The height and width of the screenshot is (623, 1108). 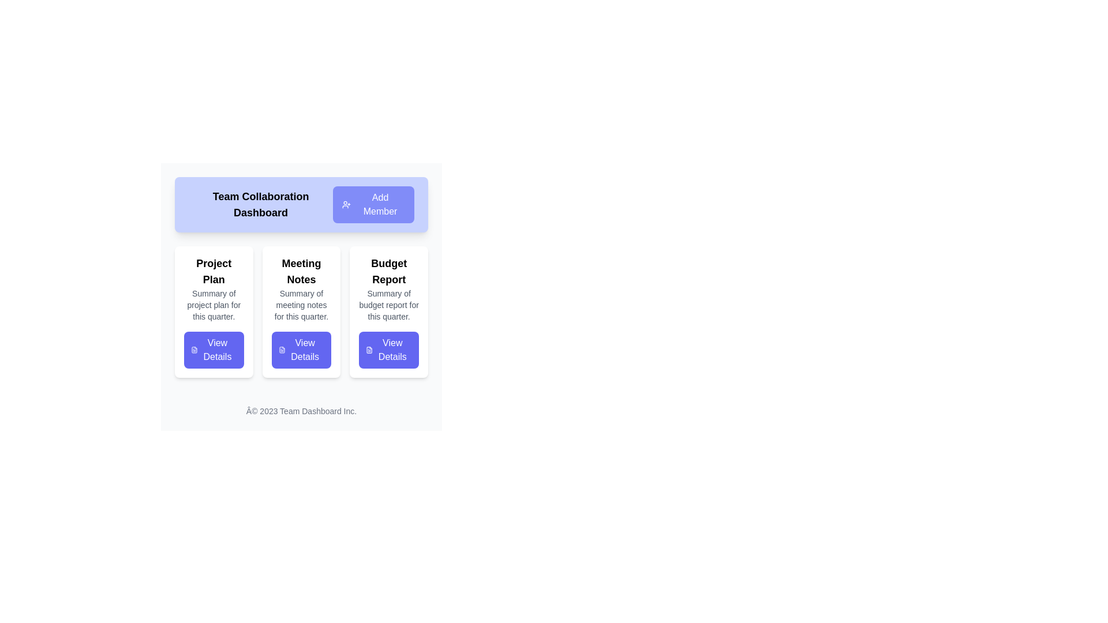 I want to click on the small gray text that reads 'Summary of project plan for this quarter', which is located beneath the 'Project Plan' title in a vertically aligned card layout, so click(x=214, y=304).